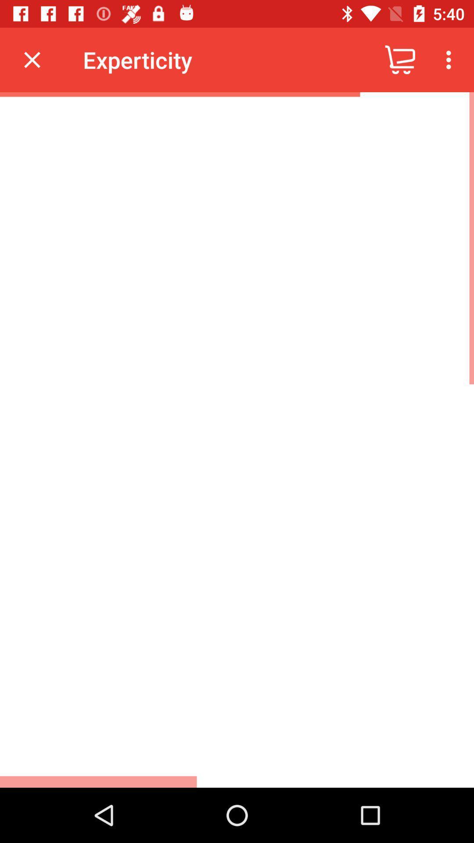  Describe the element at coordinates (32, 59) in the screenshot. I see `icon to the left of the experticity` at that location.